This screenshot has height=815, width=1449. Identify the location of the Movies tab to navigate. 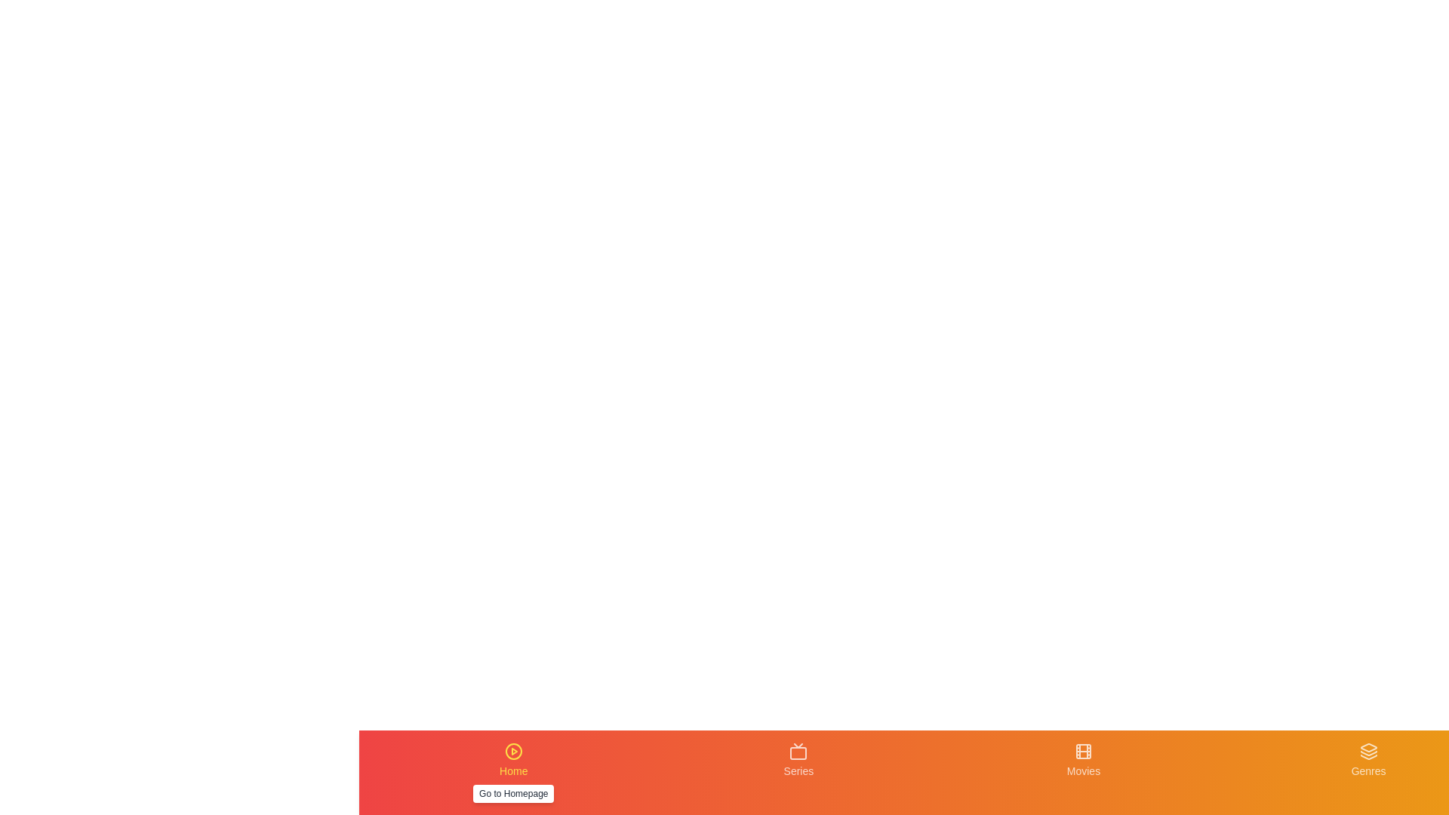
(1082, 772).